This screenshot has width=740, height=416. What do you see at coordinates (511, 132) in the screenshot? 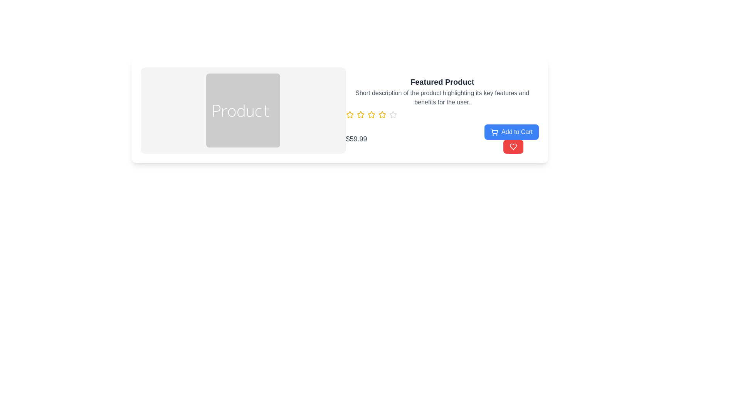
I see `the blue rectangular 'Add to Cart' button with rounded corners located in the 'Featured Product' section to observe the hover effect` at bounding box center [511, 132].